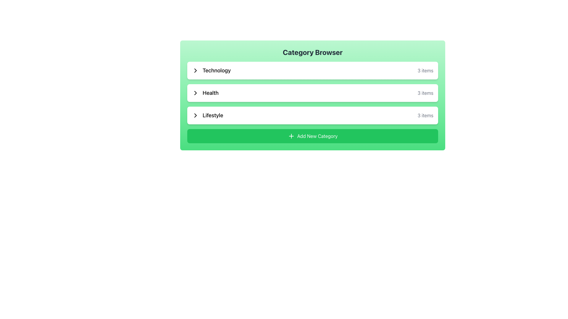 This screenshot has width=568, height=319. I want to click on the rightward-pointing chevron icon located beside the text 'Lifestyle', so click(196, 115).